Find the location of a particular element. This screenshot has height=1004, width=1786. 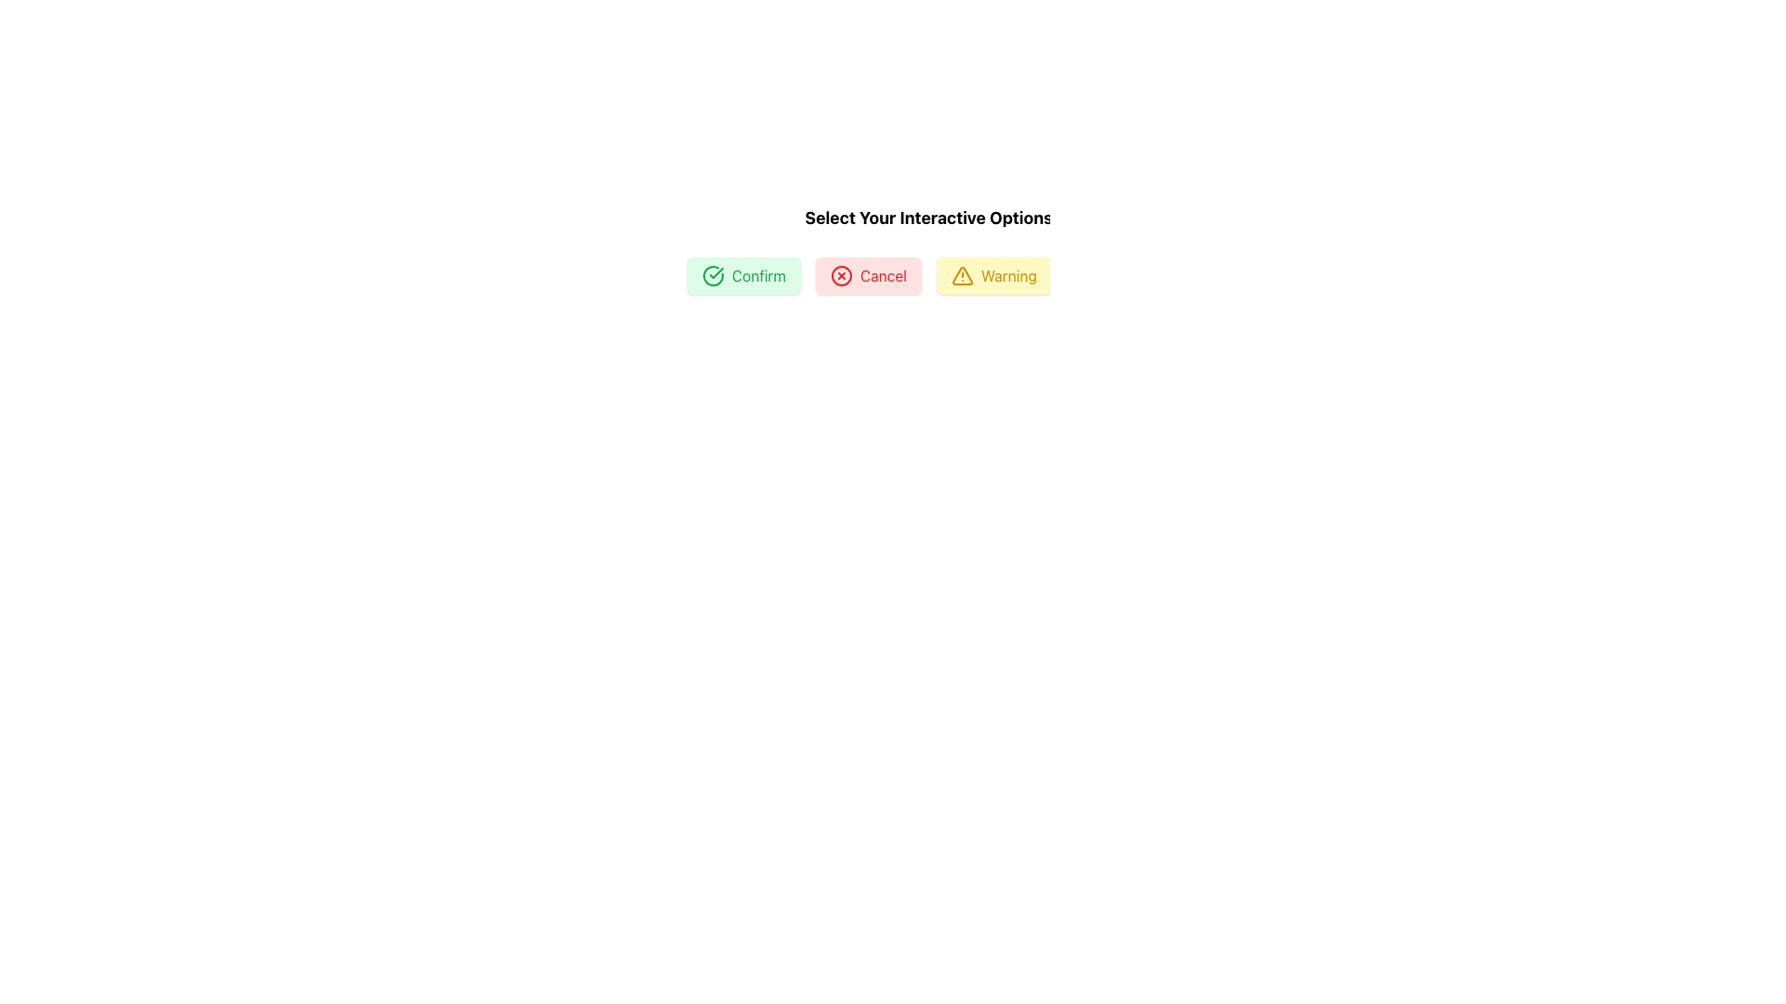

the triangular warning icon filled with a yellowish tone, outlined in bold, located to the left of the 'Warning' text label is located at coordinates (961, 276).